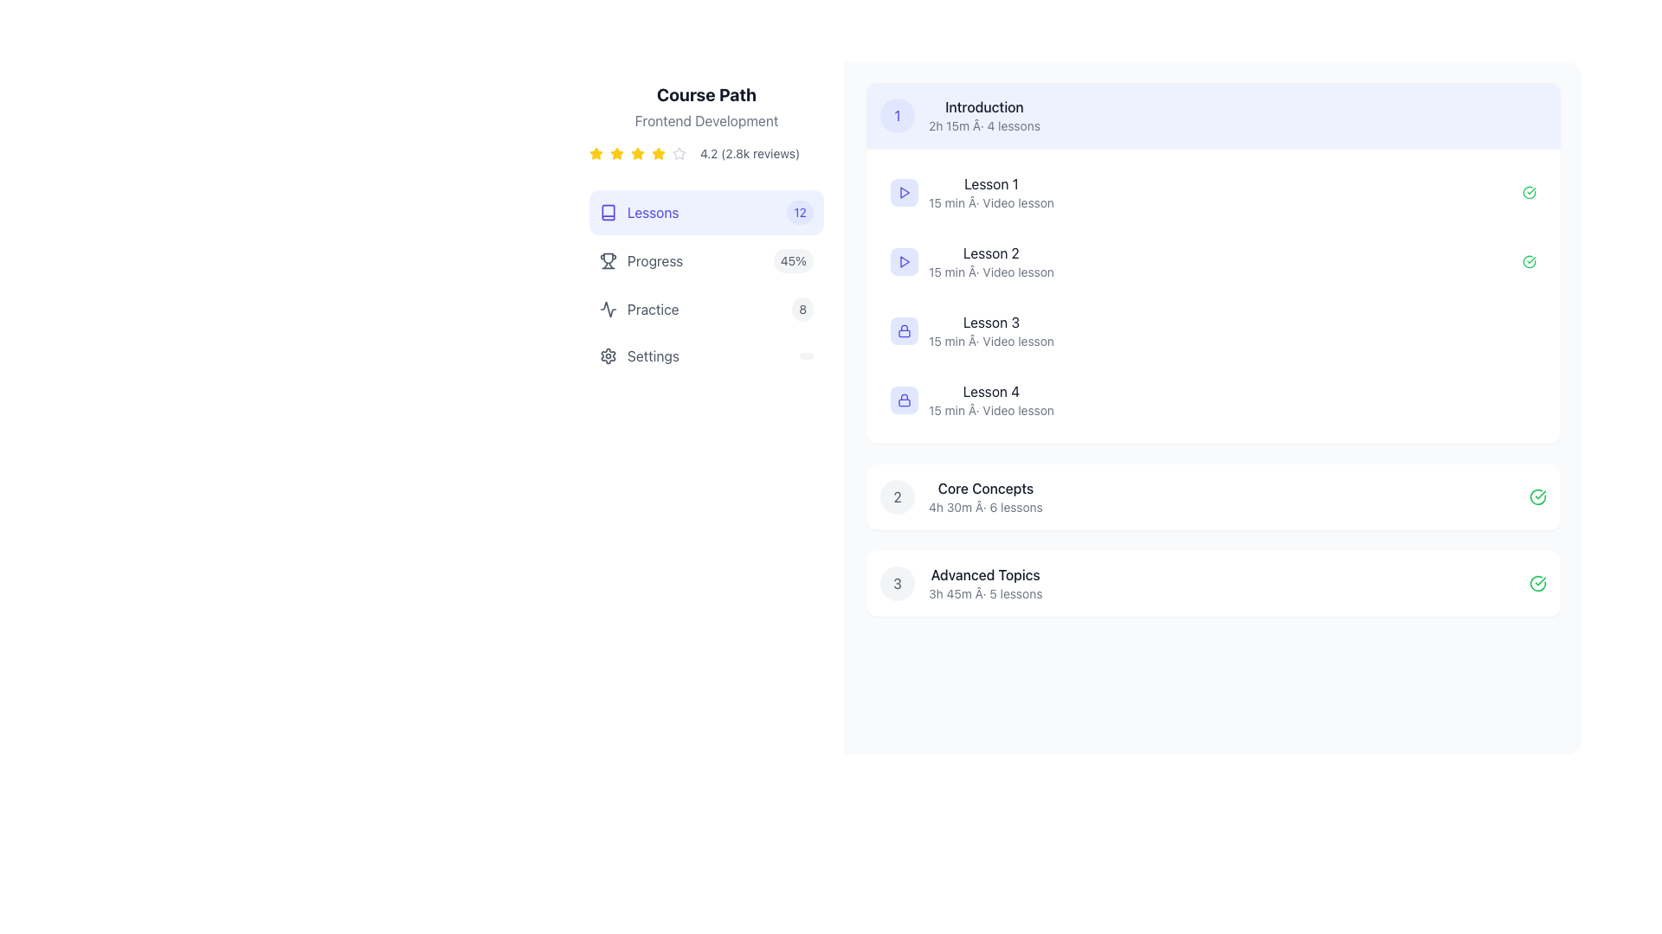 This screenshot has height=934, width=1662. What do you see at coordinates (641, 260) in the screenshot?
I see `the List menu item in the second row of the left-hand side navigation menu` at bounding box center [641, 260].